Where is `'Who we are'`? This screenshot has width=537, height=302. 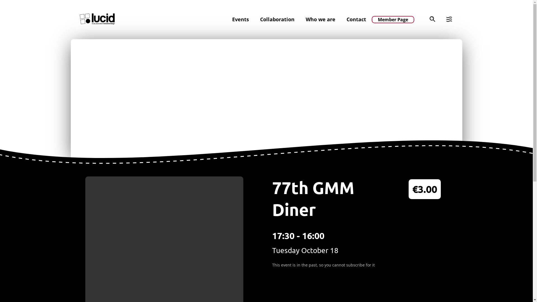
'Who we are' is located at coordinates (320, 19).